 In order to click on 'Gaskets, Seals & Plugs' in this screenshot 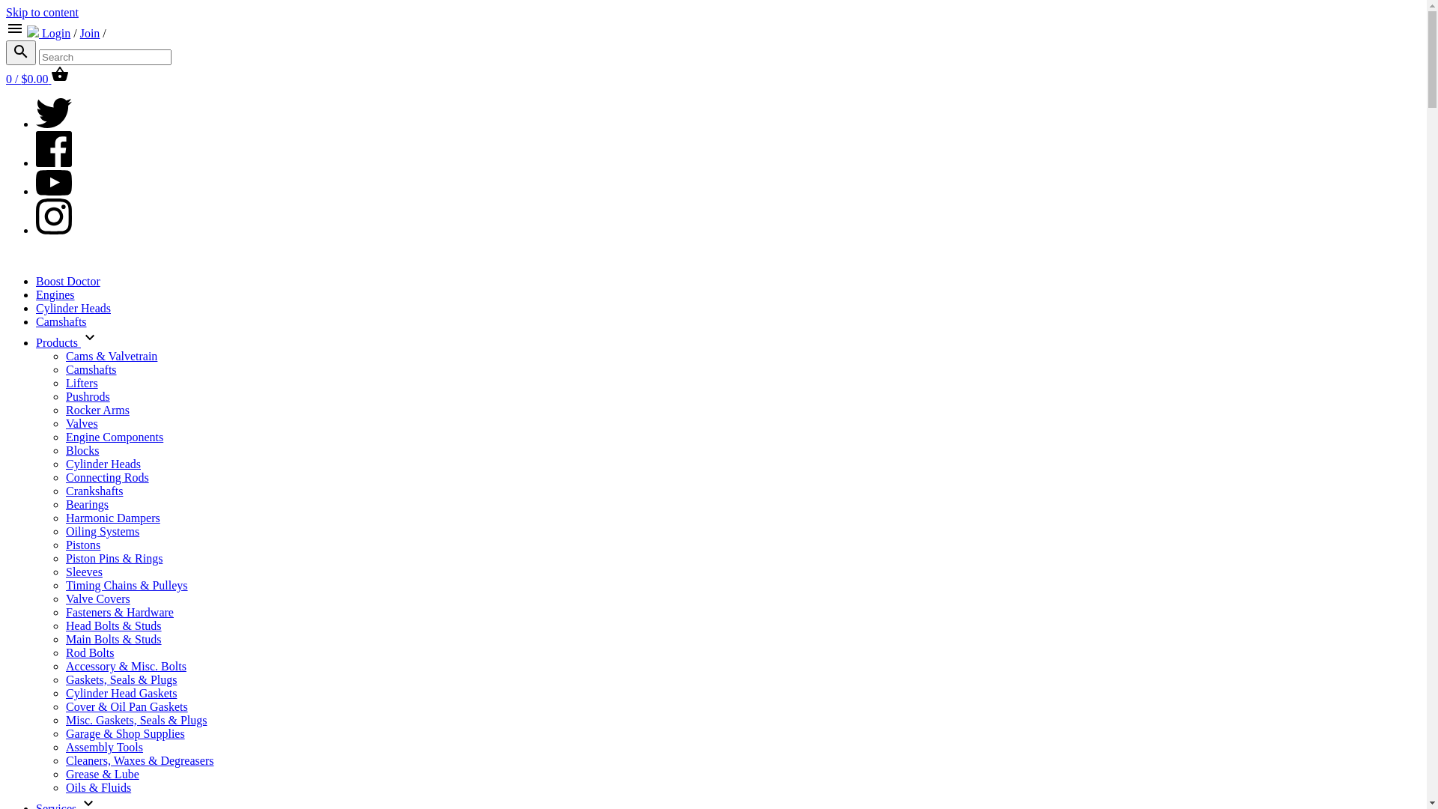, I will do `click(121, 679)`.